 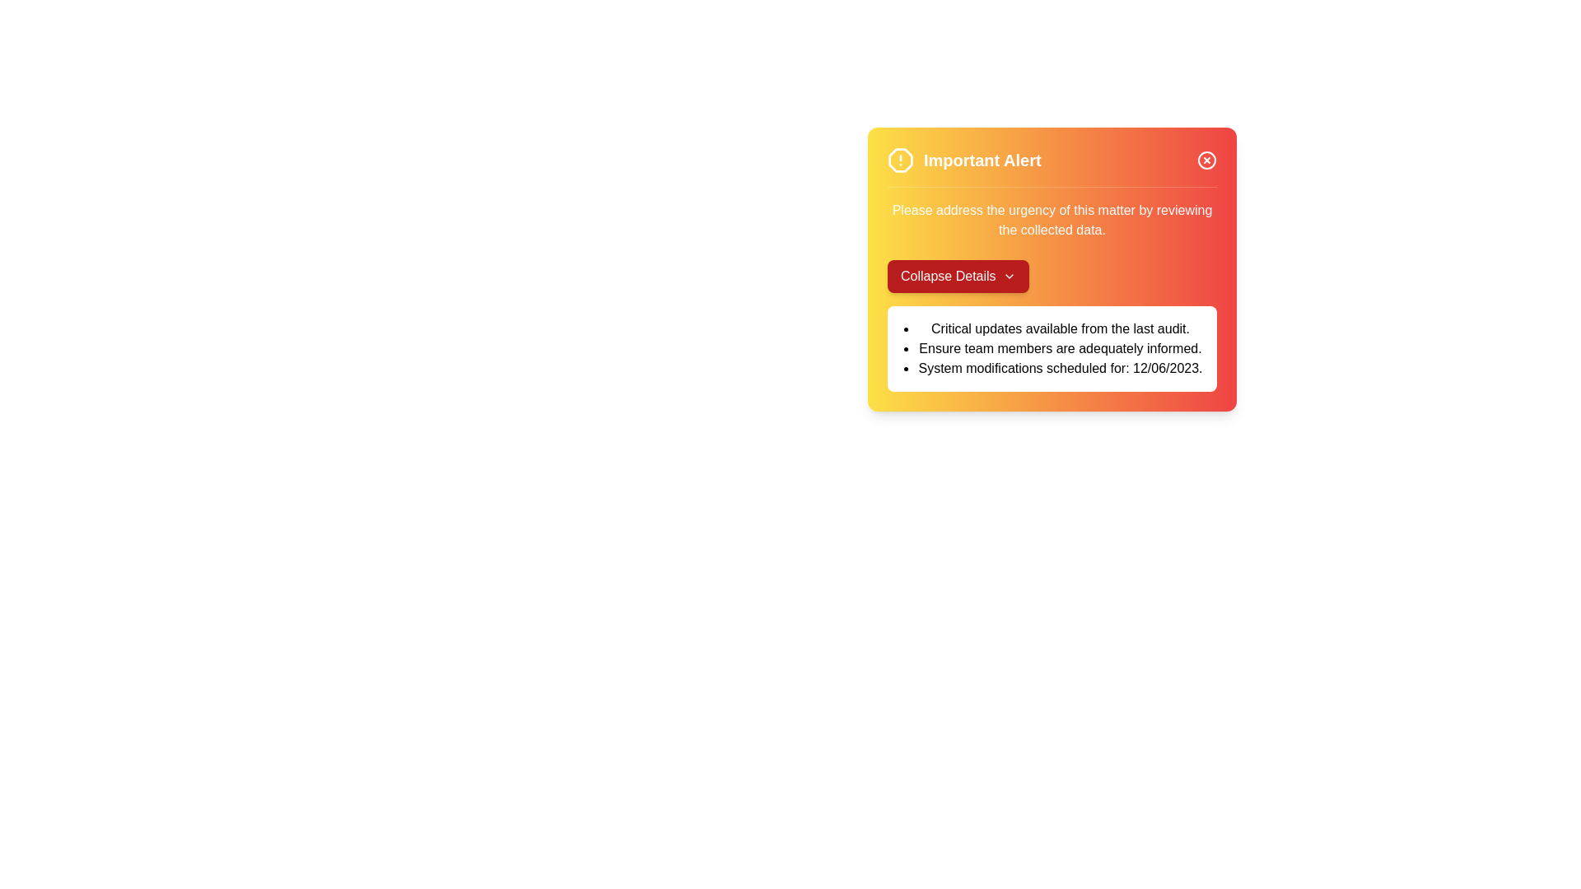 I want to click on the 'Collapse Details' button to toggle the visibility of the detailed content, so click(x=957, y=275).